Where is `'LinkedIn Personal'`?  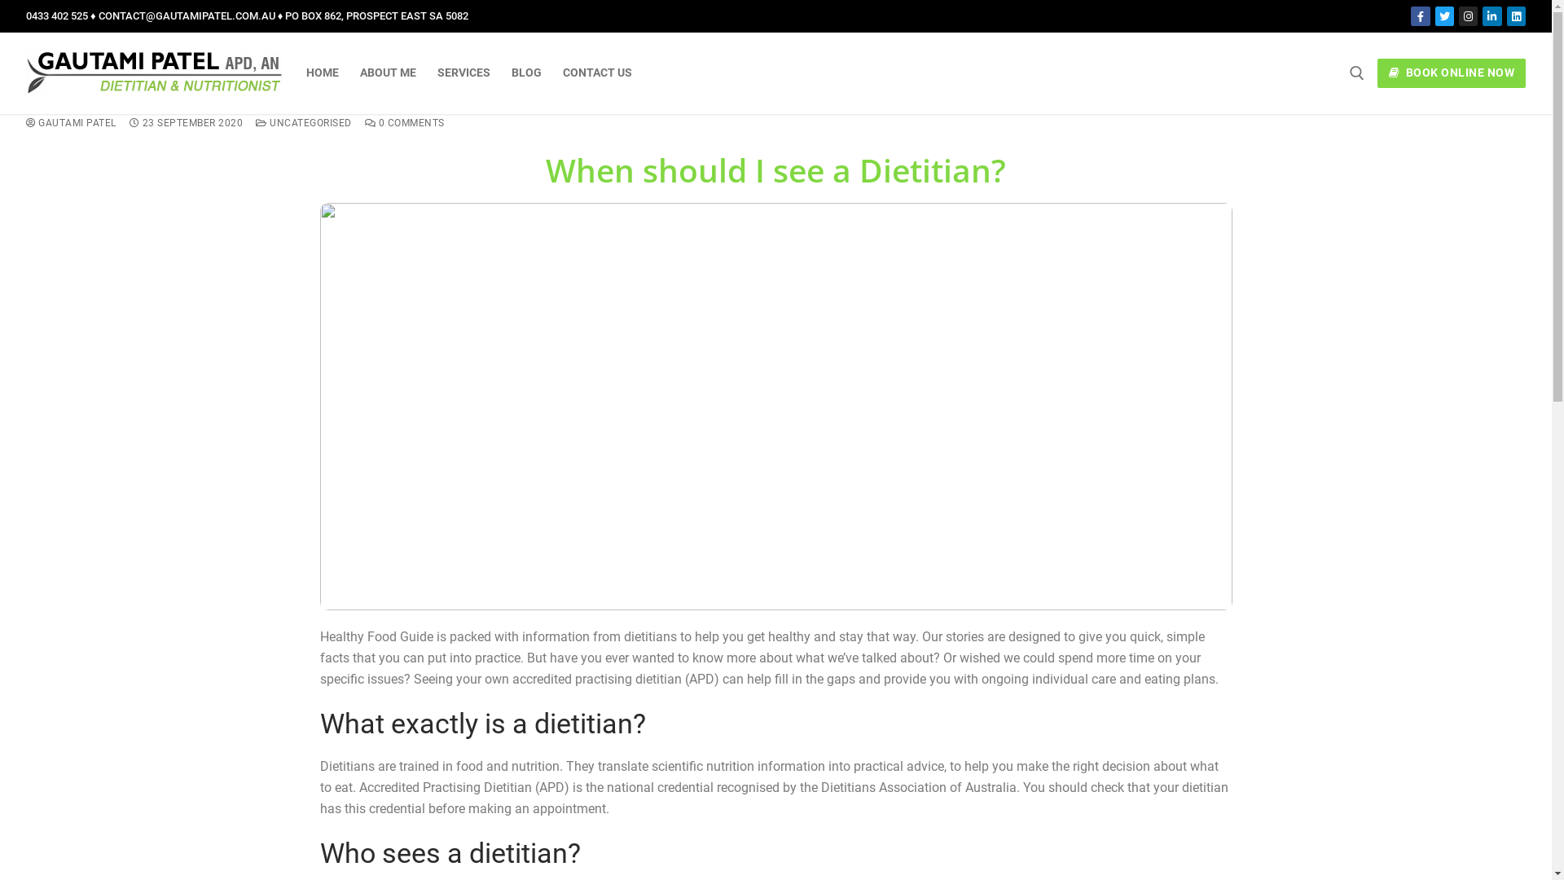
'LinkedIn Personal' is located at coordinates (1515, 16).